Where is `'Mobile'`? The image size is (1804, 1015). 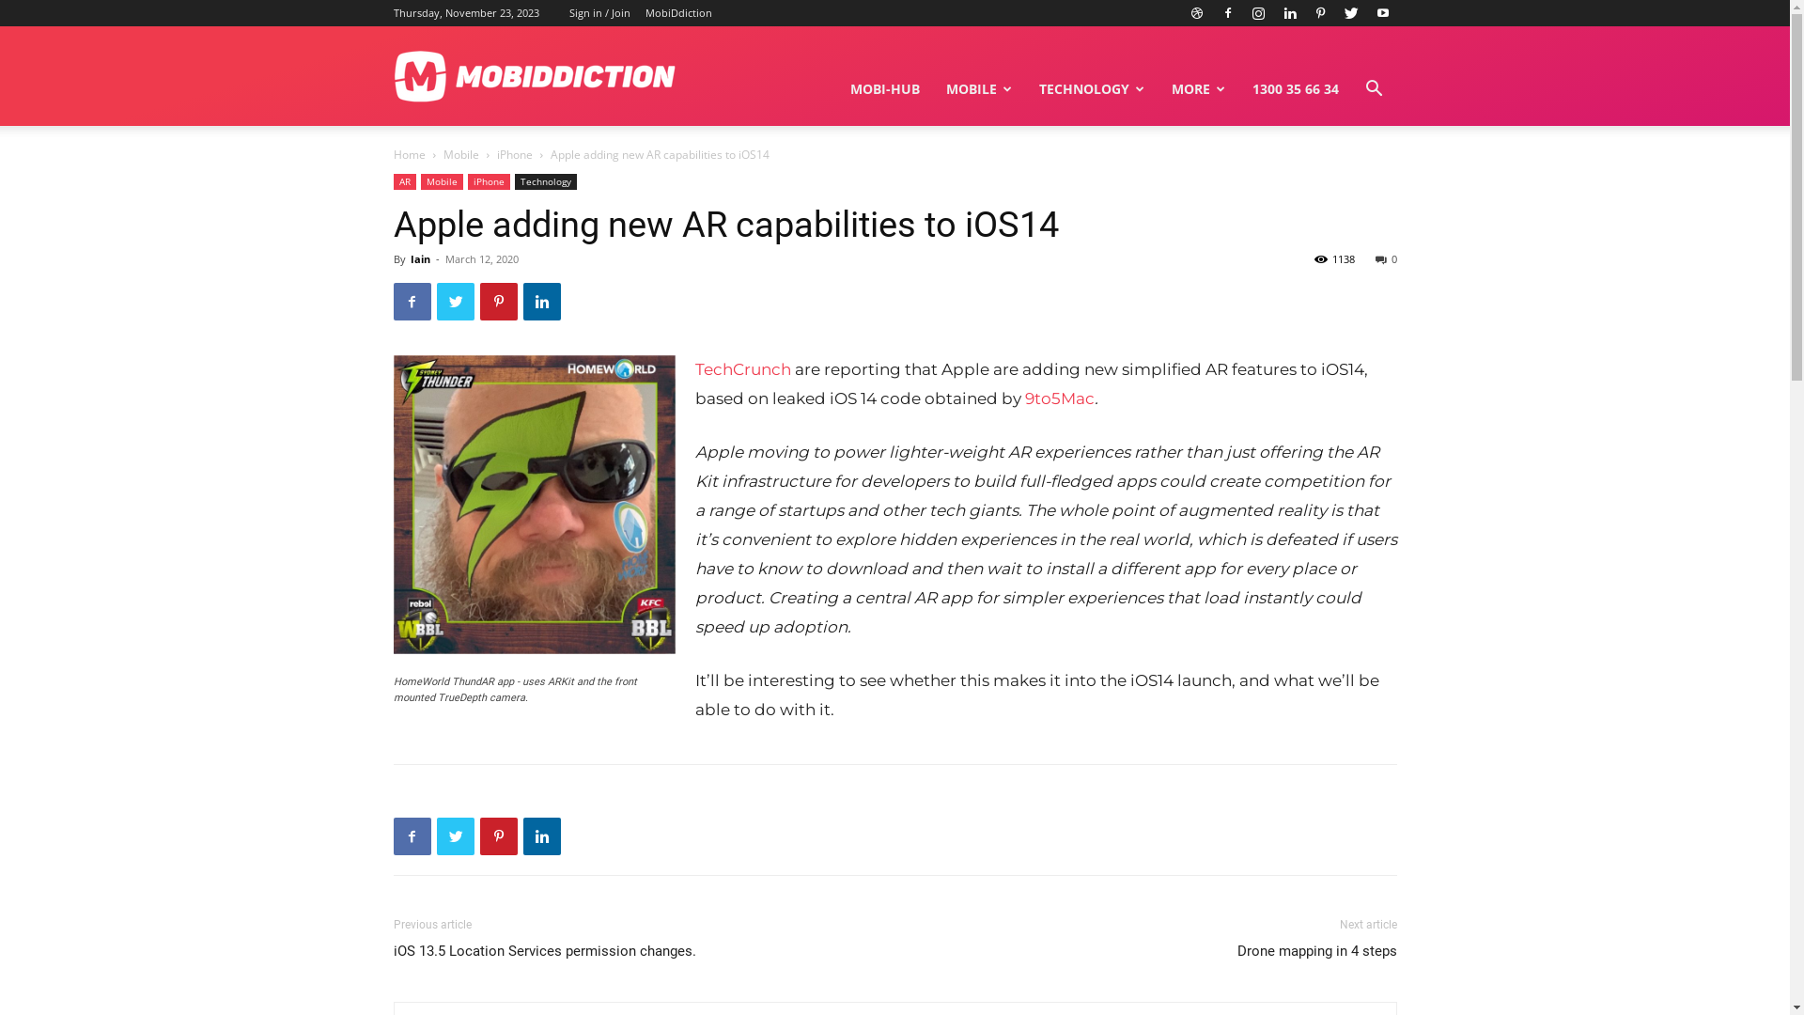 'Mobile' is located at coordinates (460, 153).